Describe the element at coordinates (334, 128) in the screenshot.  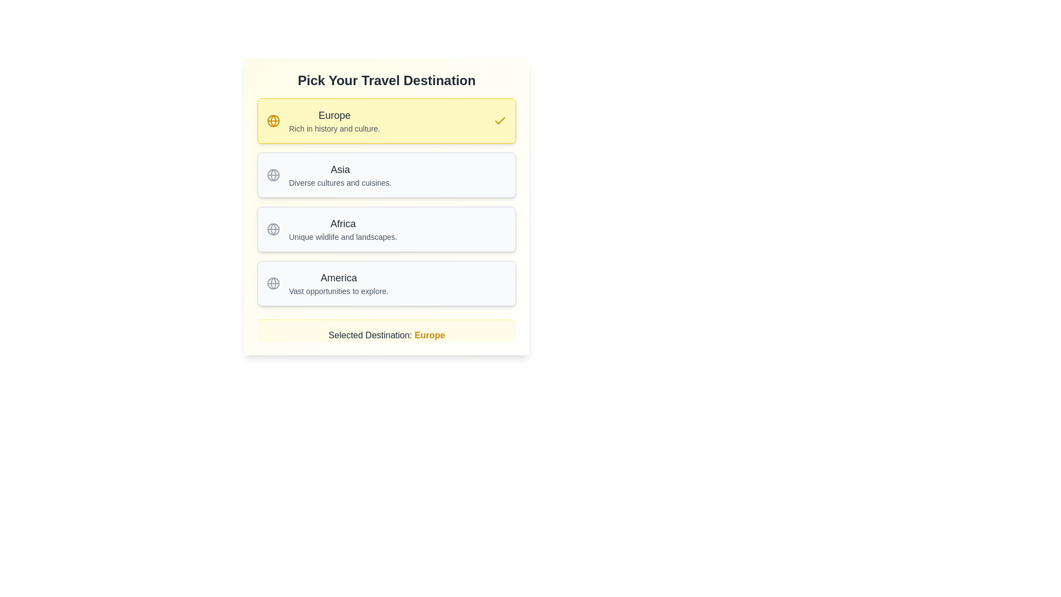
I see `the text component that says 'Rich in history and culture.' which is styled in a small font size and light gray color, located below the heading 'Europe' within a yellow background card` at that location.